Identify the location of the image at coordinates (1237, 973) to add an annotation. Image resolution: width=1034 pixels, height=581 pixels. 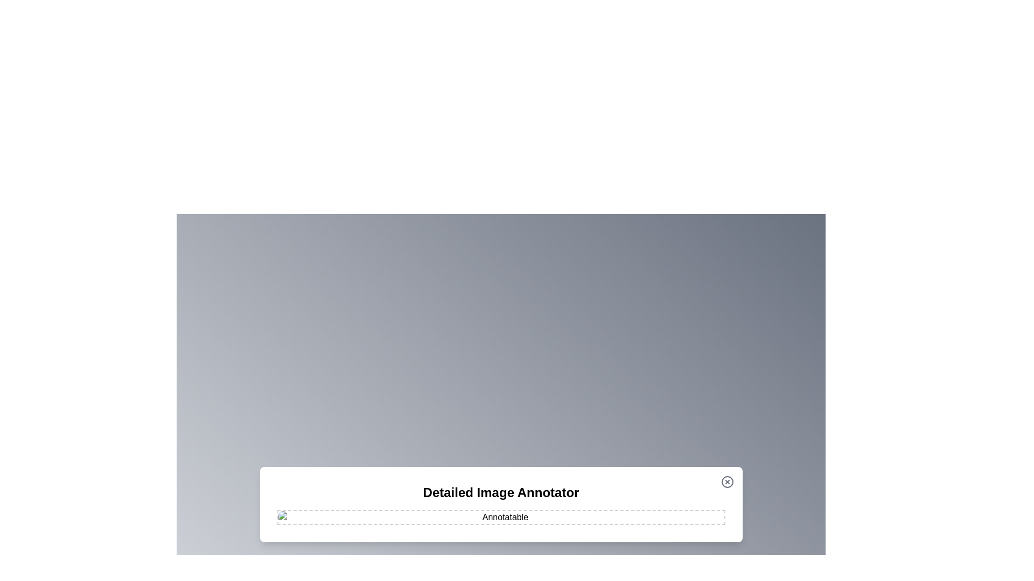
(666, 522).